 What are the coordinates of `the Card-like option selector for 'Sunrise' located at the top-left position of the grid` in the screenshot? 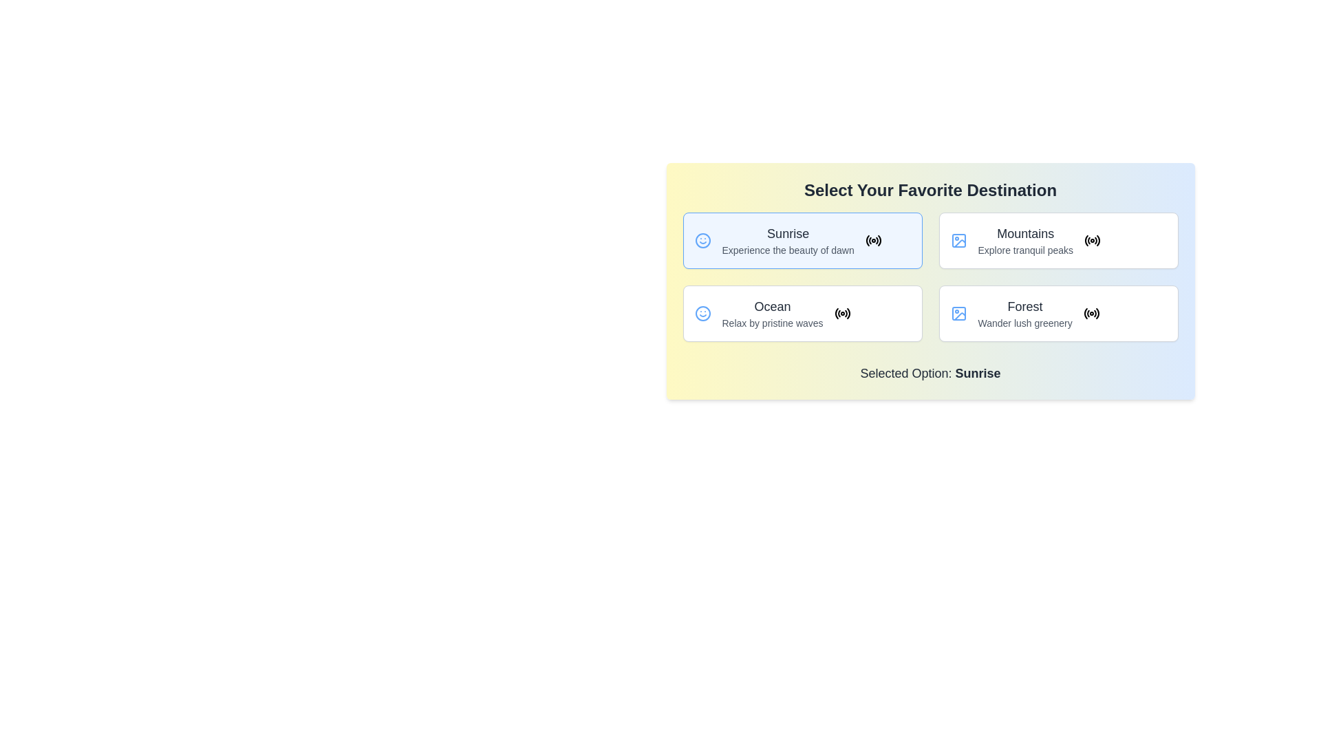 It's located at (802, 240).